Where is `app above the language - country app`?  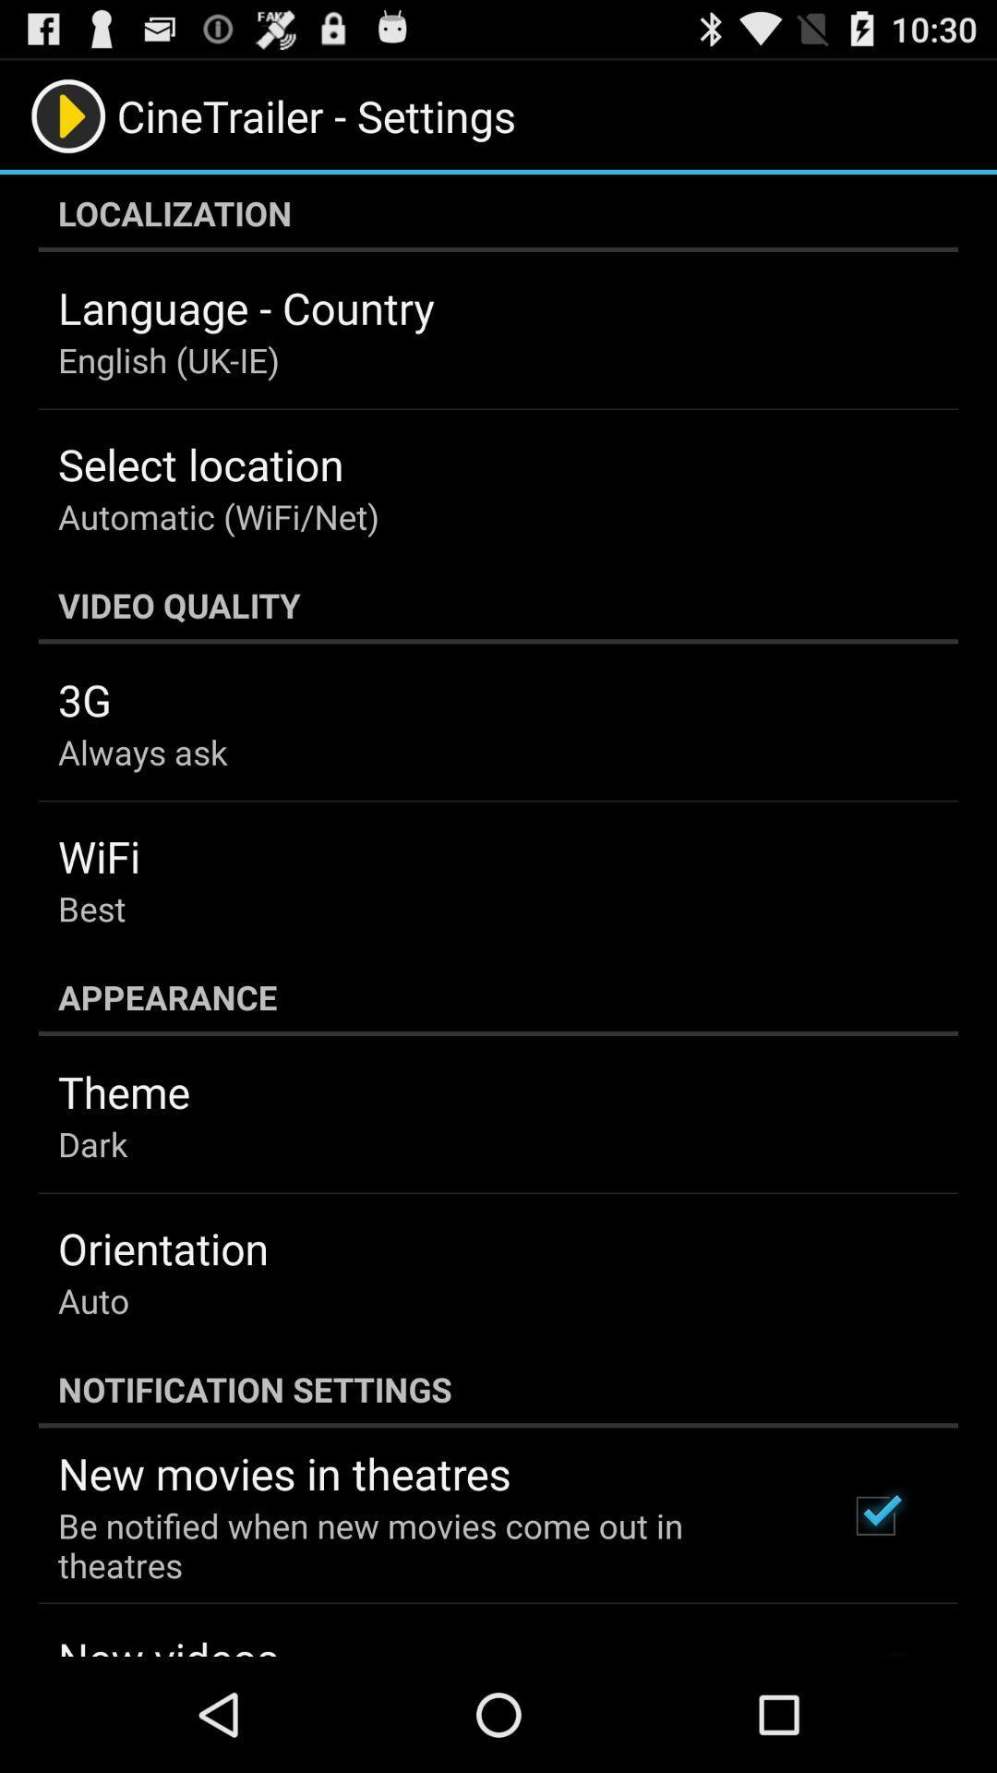
app above the language - country app is located at coordinates (498, 212).